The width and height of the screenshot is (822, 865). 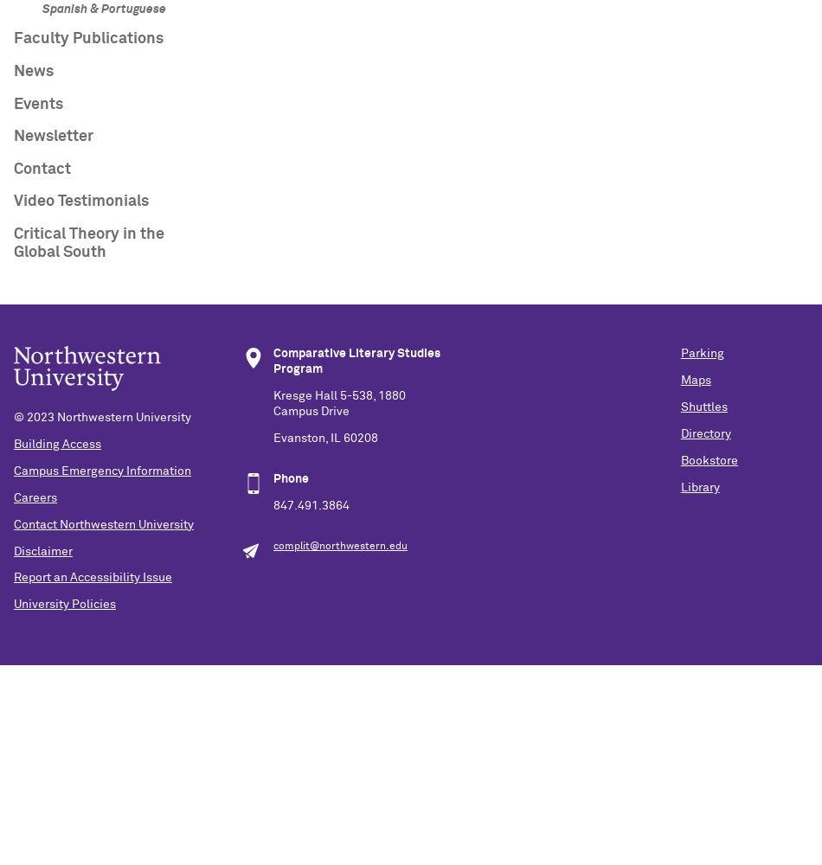 What do you see at coordinates (88, 243) in the screenshot?
I see `'Critical Theory in the Global South'` at bounding box center [88, 243].